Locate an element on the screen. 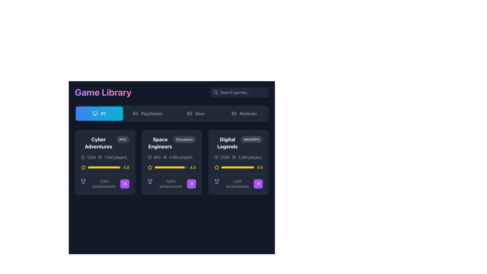 The width and height of the screenshot is (487, 274). the pill-shaped label displaying 'MMORPG' on a dark-gray background, located in the 'Digital Legends' card, positioned to the top-right of the card content is located at coordinates (252, 140).